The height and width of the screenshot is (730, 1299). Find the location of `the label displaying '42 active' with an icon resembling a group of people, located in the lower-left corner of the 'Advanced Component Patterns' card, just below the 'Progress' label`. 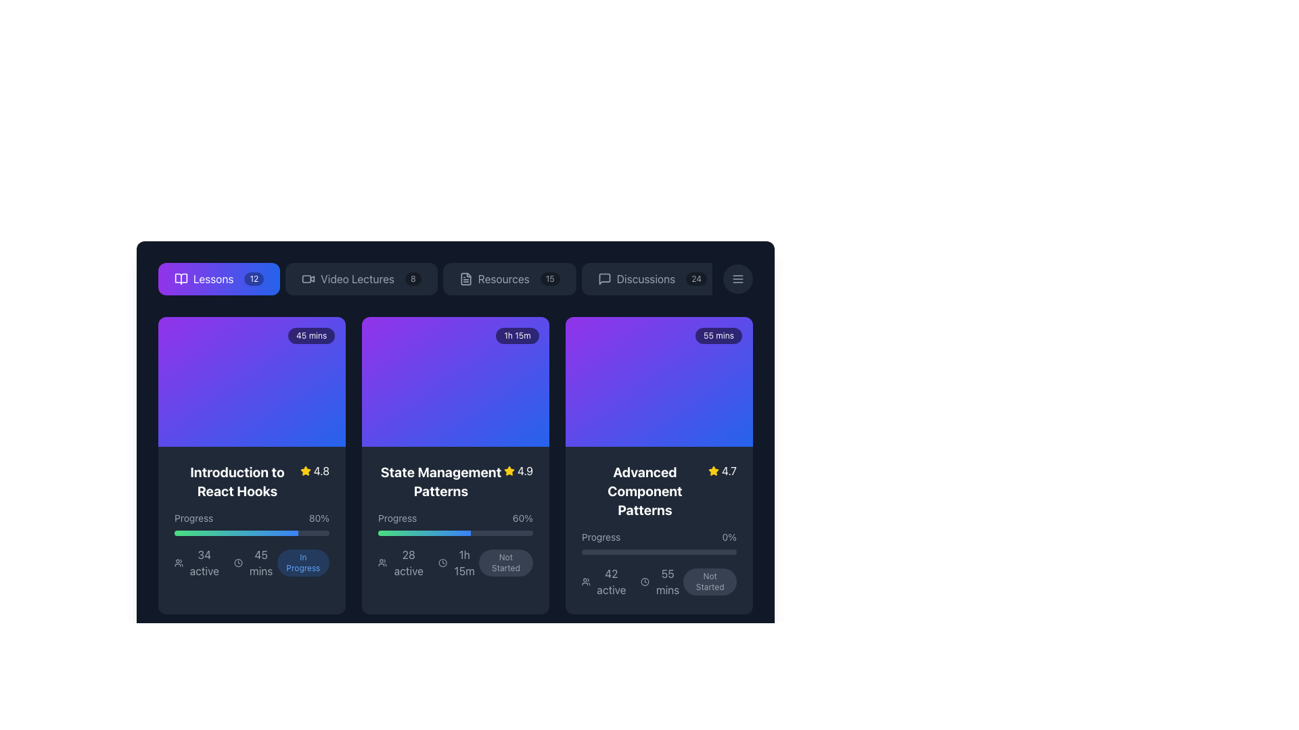

the label displaying '42 active' with an icon resembling a group of people, located in the lower-left corner of the 'Advanced Component Patterns' card, just below the 'Progress' label is located at coordinates (605, 581).